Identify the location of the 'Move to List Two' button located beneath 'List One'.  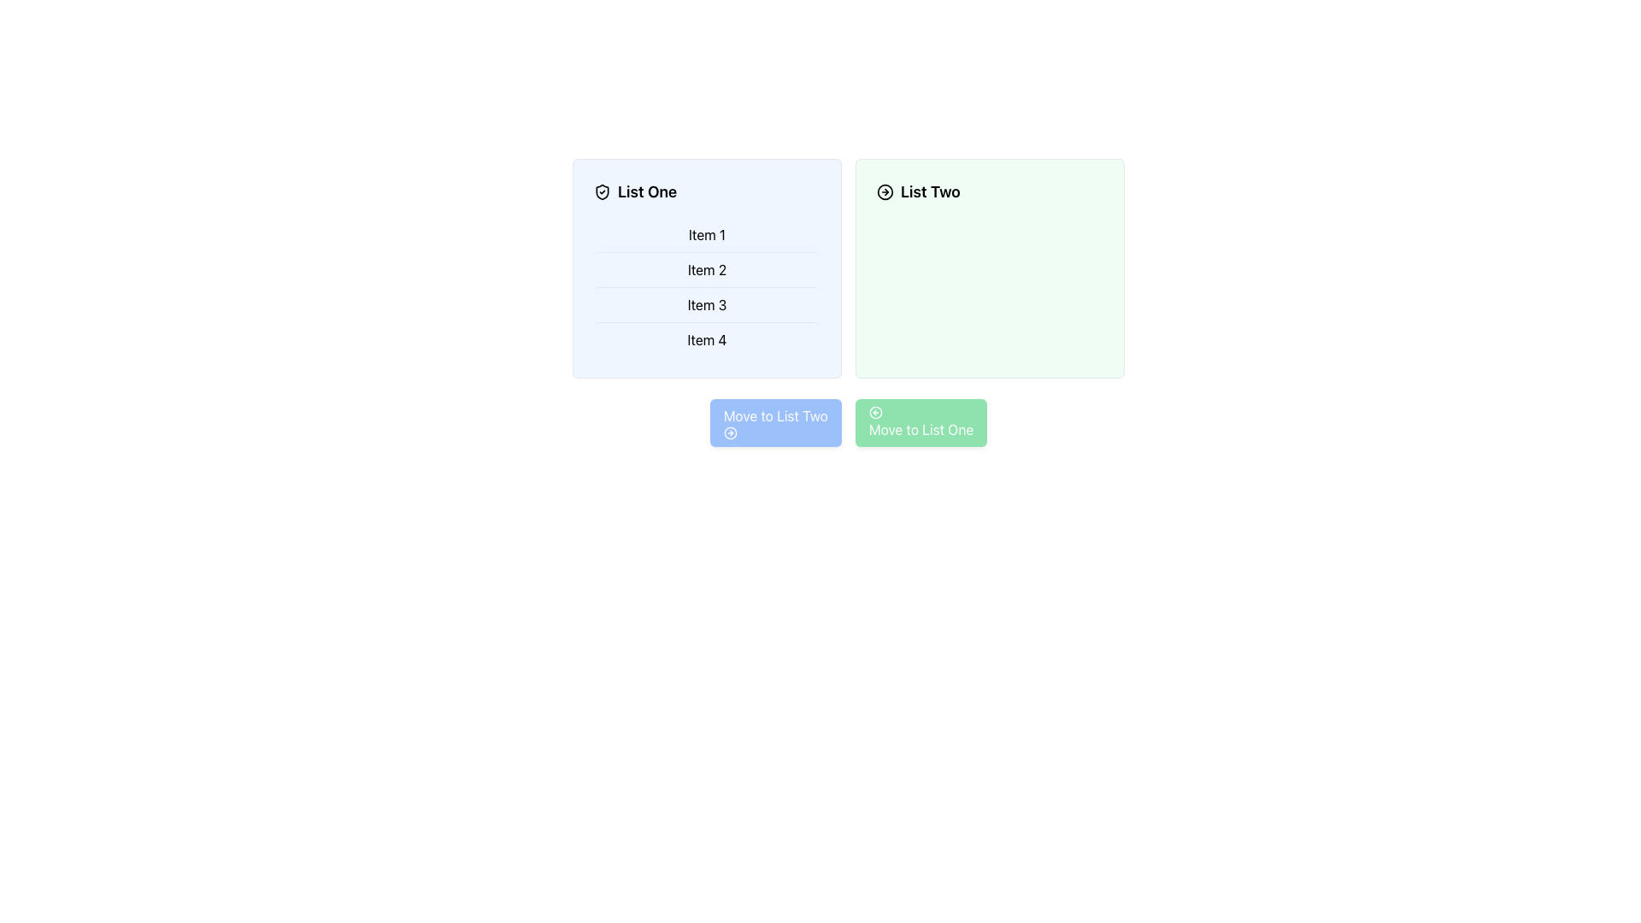
(774, 422).